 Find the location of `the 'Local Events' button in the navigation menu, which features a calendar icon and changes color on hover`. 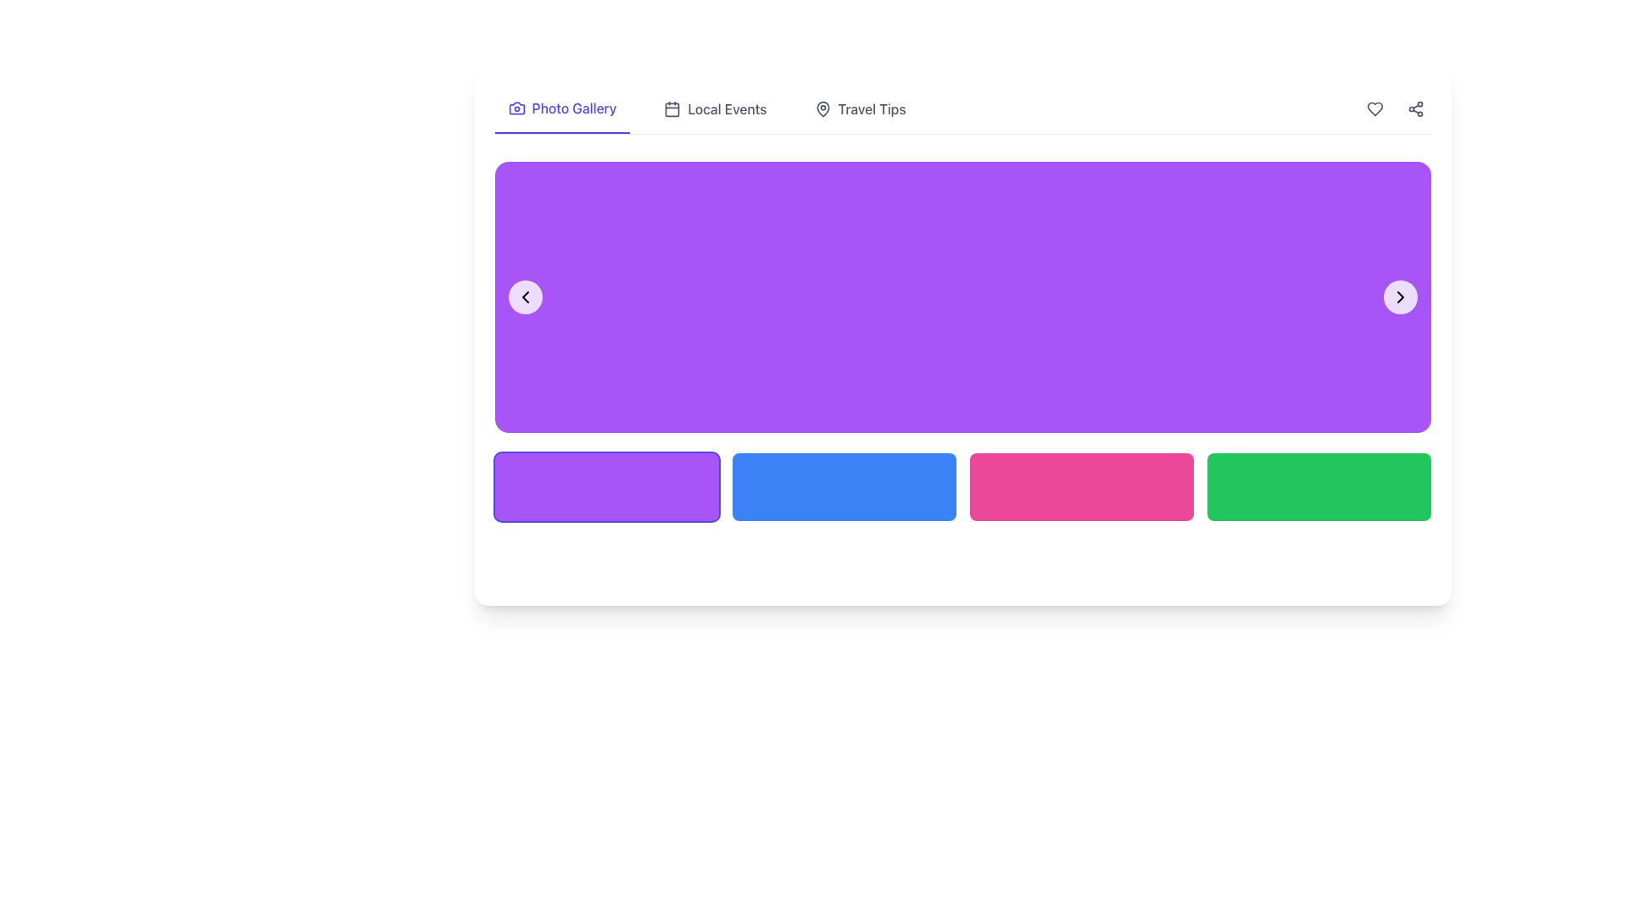

the 'Local Events' button in the navigation menu, which features a calendar icon and changes color on hover is located at coordinates (715, 108).